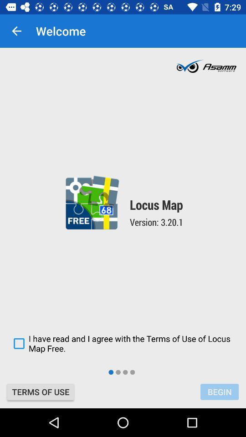 The image size is (246, 437). What do you see at coordinates (16, 31) in the screenshot?
I see `the app next to welcome icon` at bounding box center [16, 31].